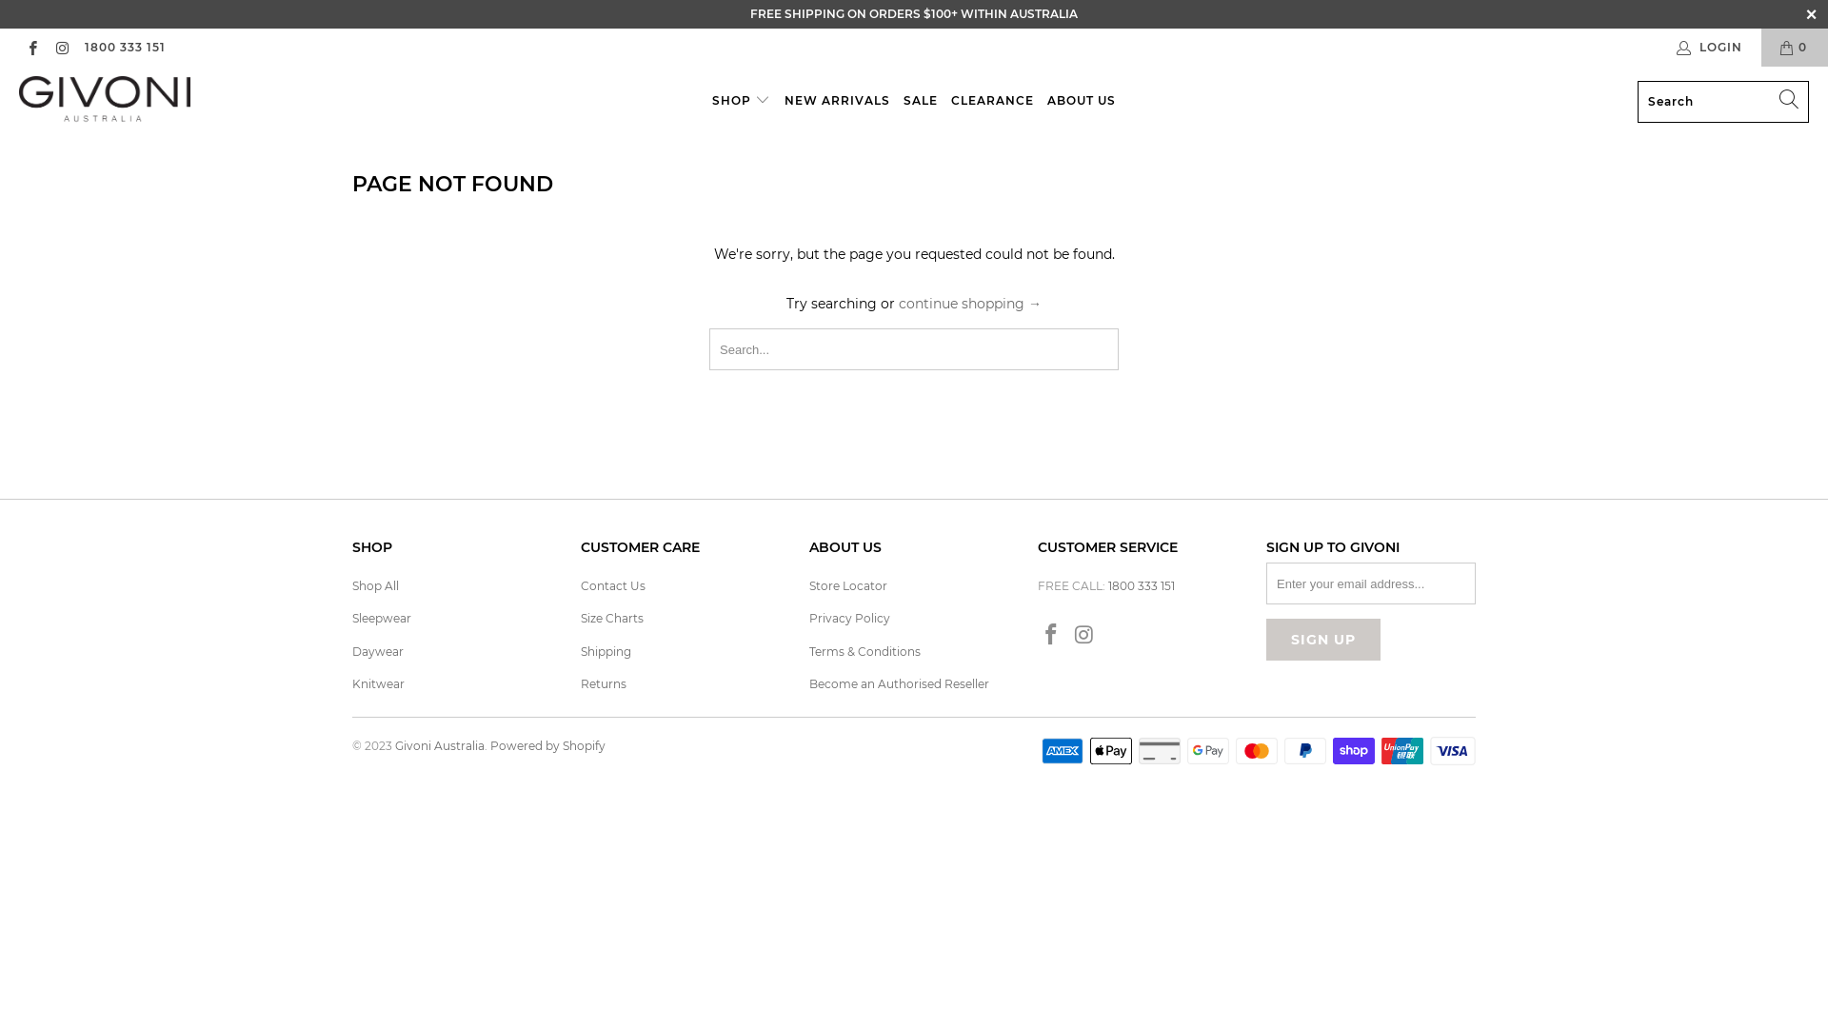 The height and width of the screenshot is (1028, 1828). Describe the element at coordinates (381, 618) in the screenshot. I see `'Sleepwear'` at that location.